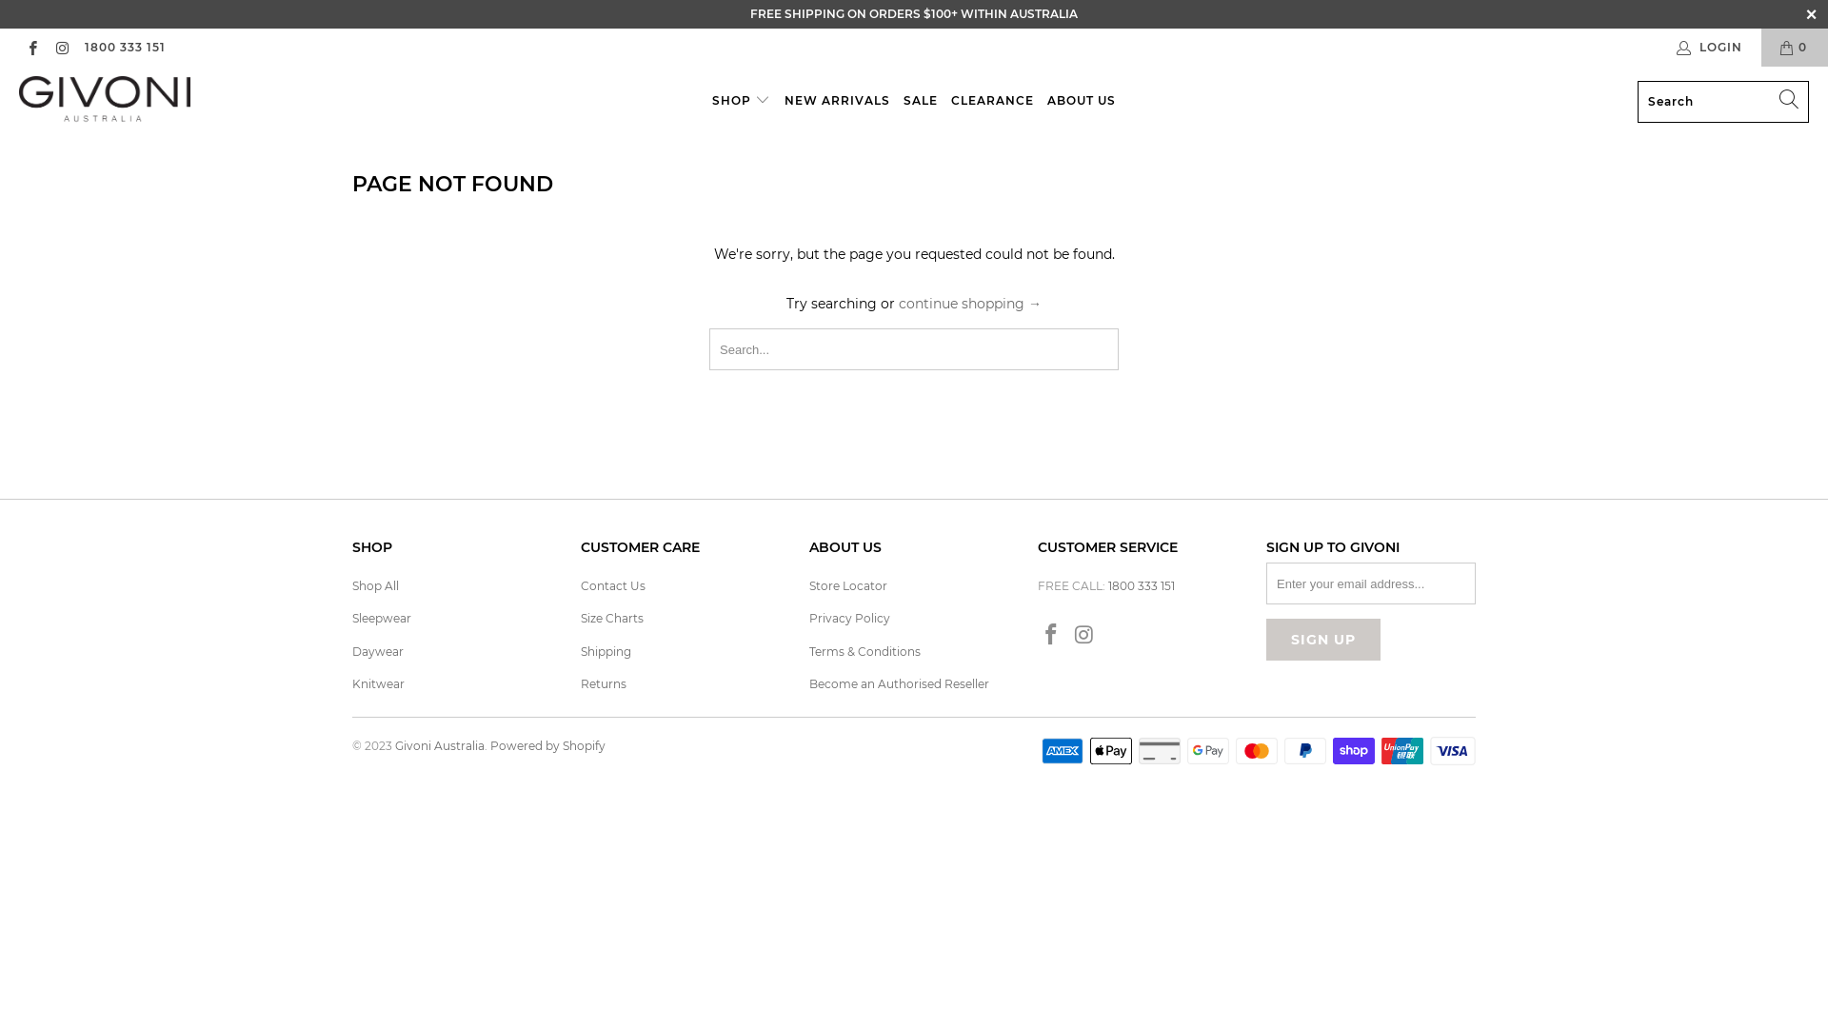 The height and width of the screenshot is (1028, 1828). Describe the element at coordinates (381, 618) in the screenshot. I see `'Sleepwear'` at that location.